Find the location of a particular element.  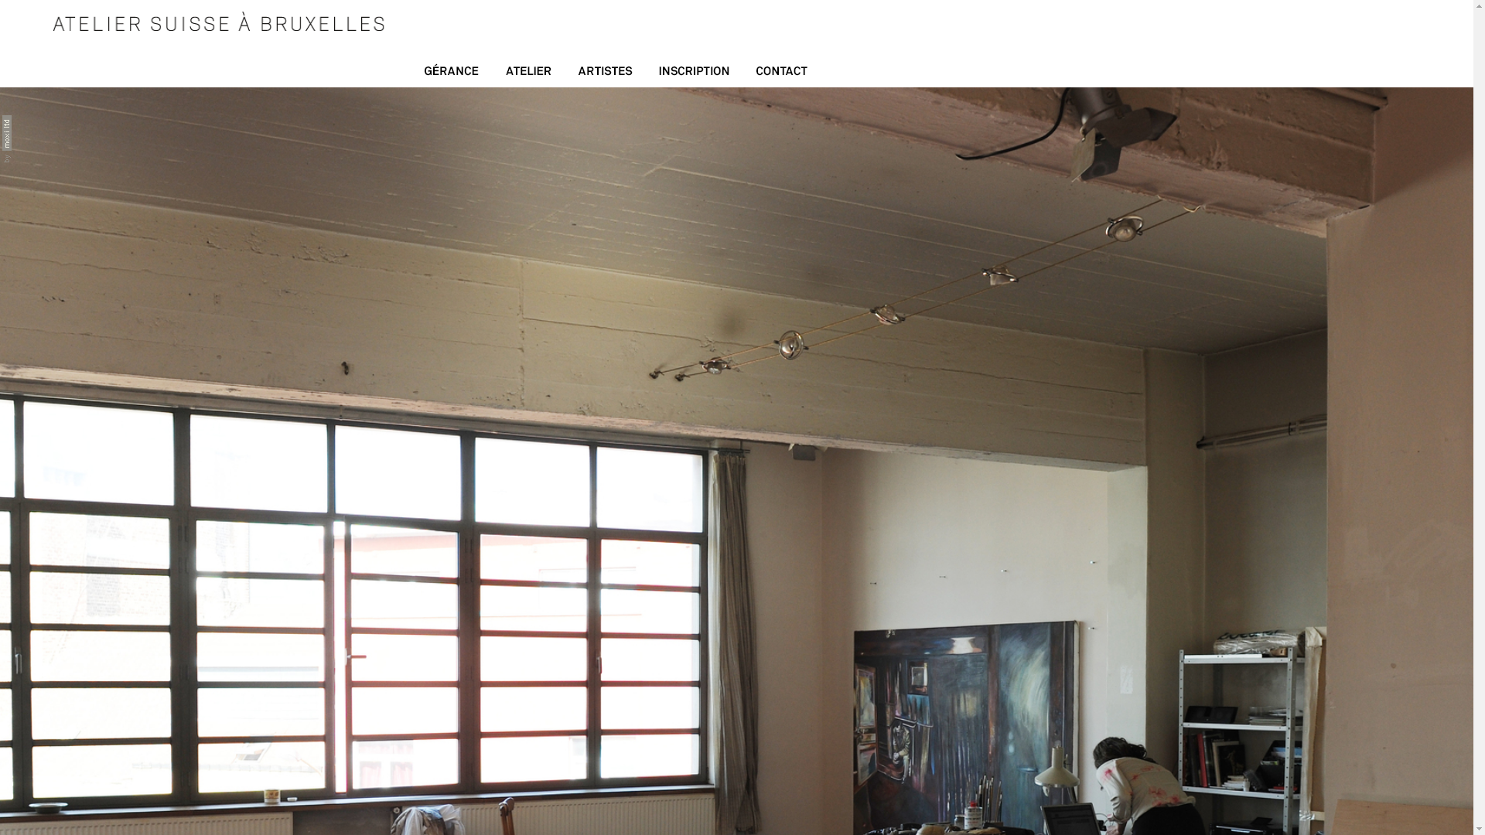

'CONTACT' is located at coordinates (782, 74).